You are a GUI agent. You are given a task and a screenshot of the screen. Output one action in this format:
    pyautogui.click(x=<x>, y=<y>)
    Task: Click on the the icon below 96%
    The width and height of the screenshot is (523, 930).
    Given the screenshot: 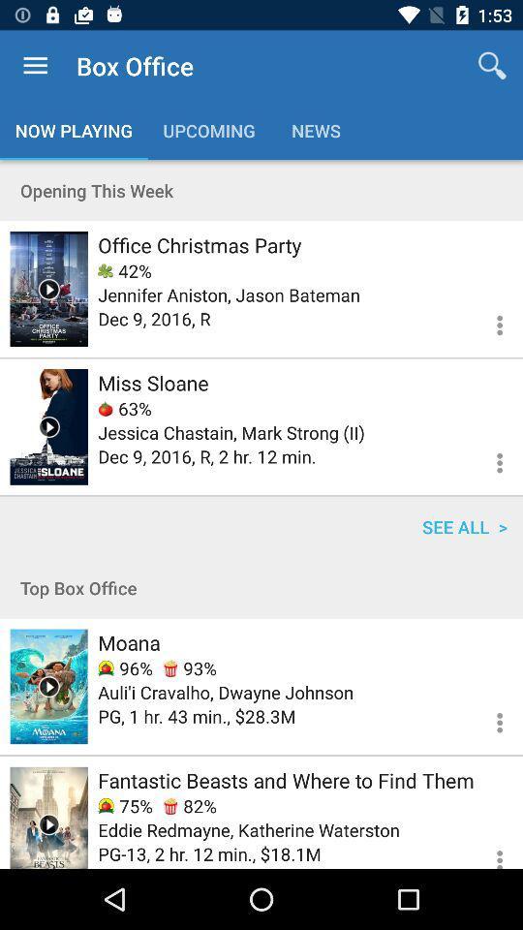 What is the action you would take?
    pyautogui.click(x=225, y=692)
    